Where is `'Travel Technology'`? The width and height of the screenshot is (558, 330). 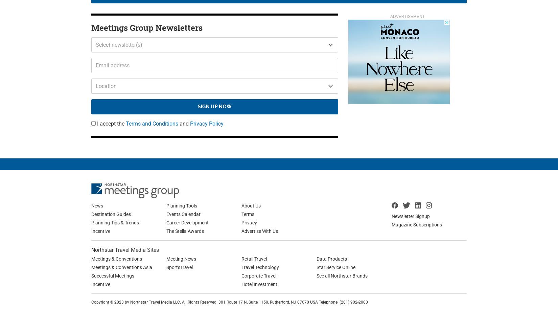
'Travel Technology' is located at coordinates (260, 267).